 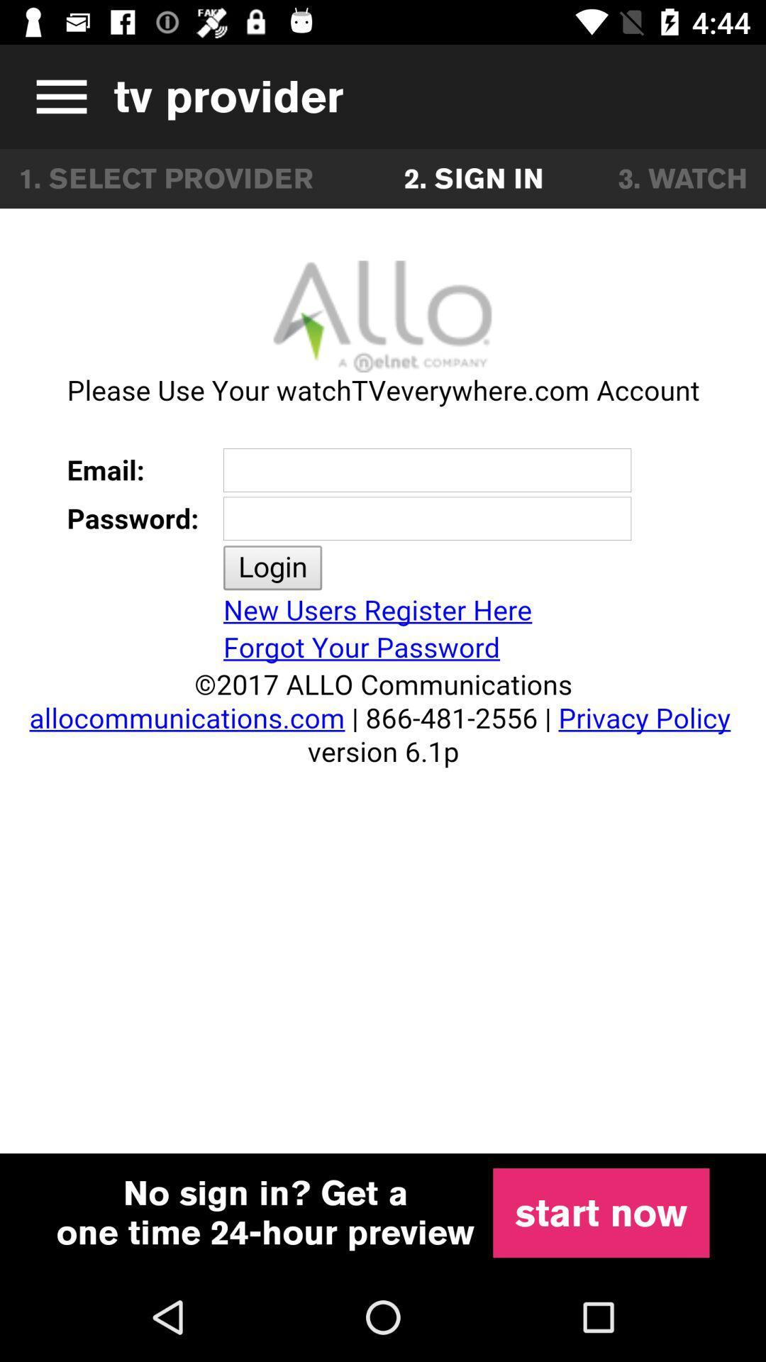 I want to click on open settings, so click(x=56, y=96).